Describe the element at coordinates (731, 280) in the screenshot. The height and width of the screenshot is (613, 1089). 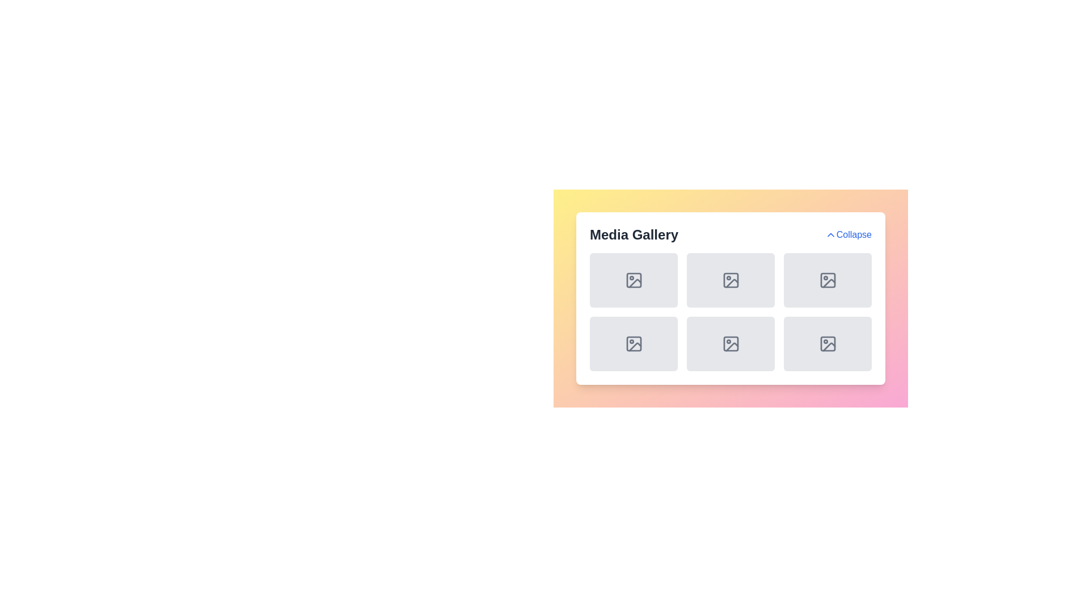
I see `the icon representing an image, which is styled with a gray-colored outline and is the middle item in the top row of the Media Gallery section` at that location.